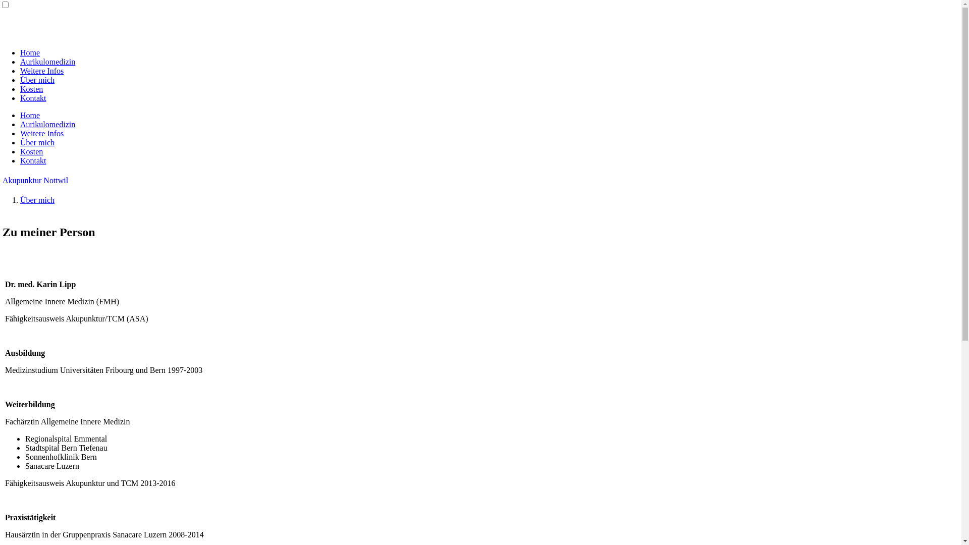 Image resolution: width=969 pixels, height=545 pixels. Describe the element at coordinates (30, 115) in the screenshot. I see `'Home'` at that location.